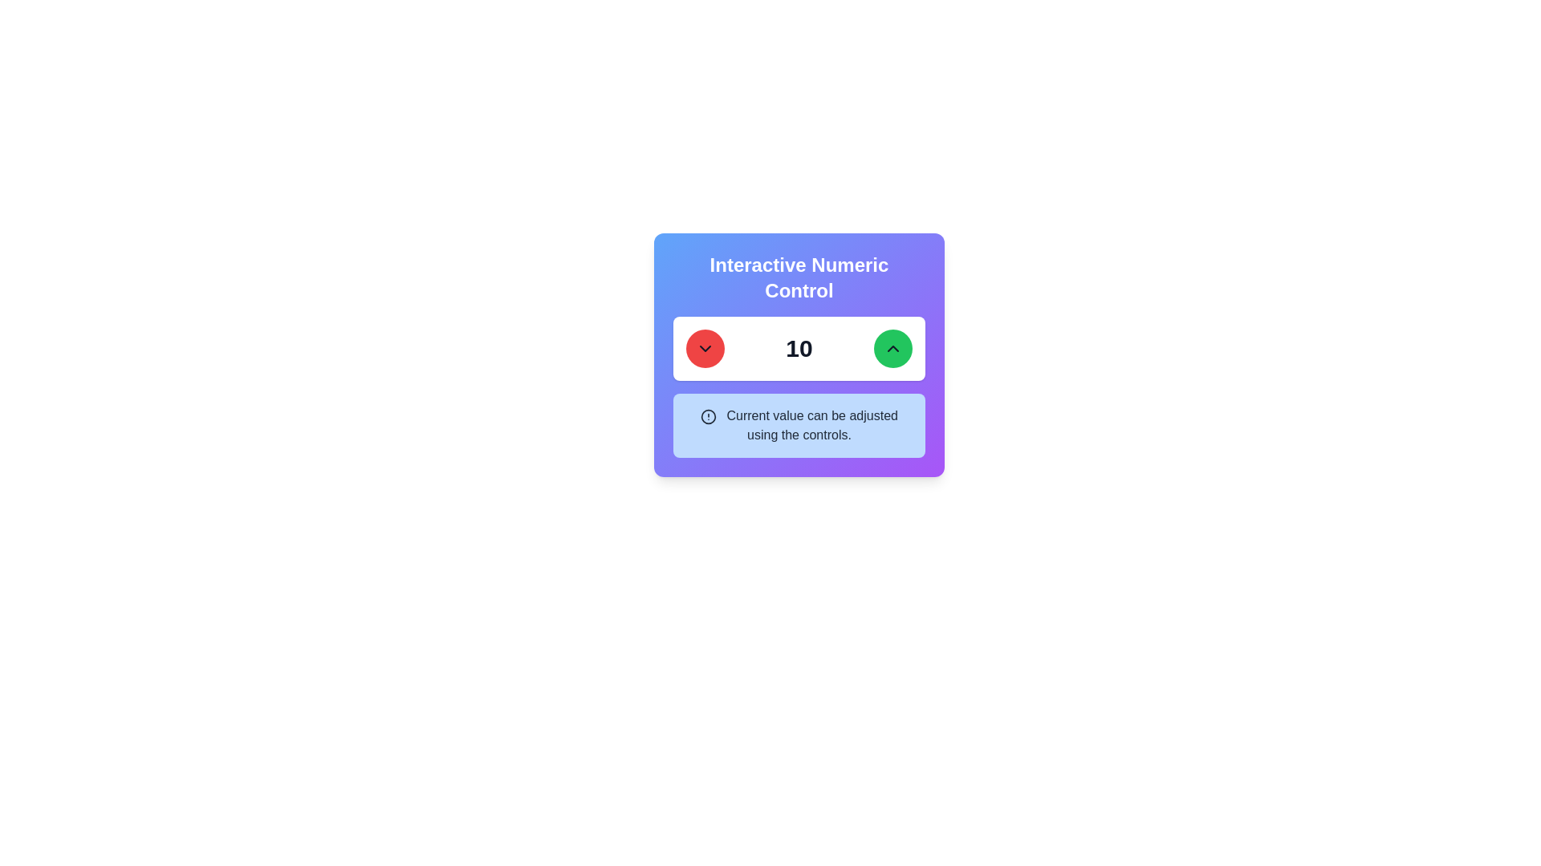 This screenshot has width=1541, height=866. I want to click on the increment button located to the right of the numeric value display ('10') in the control, which allows the user to increase the numeric value by one unit per click, so click(892, 348).